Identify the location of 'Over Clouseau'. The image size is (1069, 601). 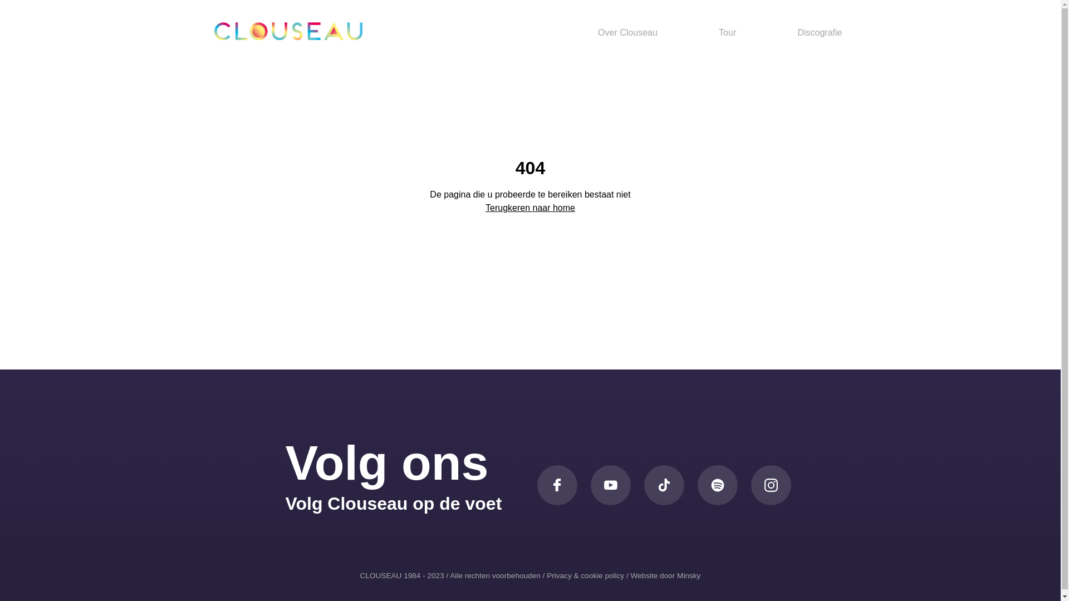
(627, 32).